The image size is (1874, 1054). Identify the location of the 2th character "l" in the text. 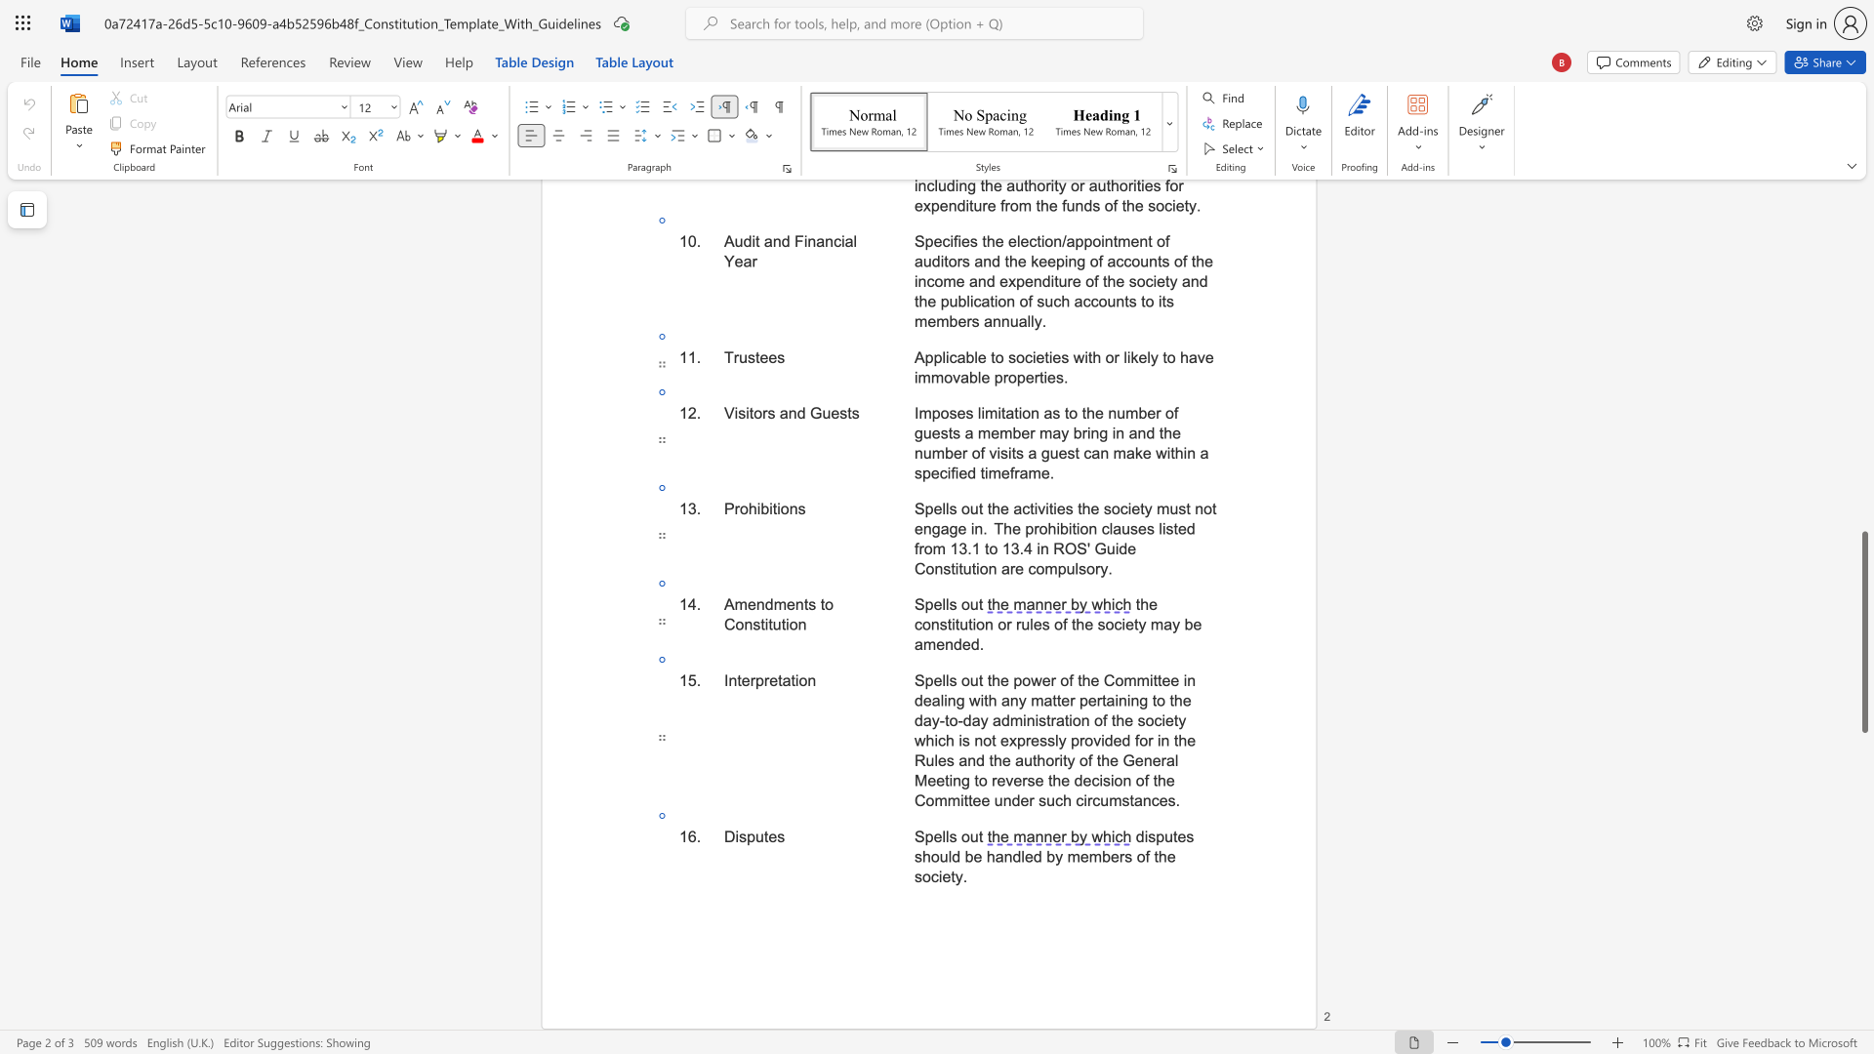
(947, 835).